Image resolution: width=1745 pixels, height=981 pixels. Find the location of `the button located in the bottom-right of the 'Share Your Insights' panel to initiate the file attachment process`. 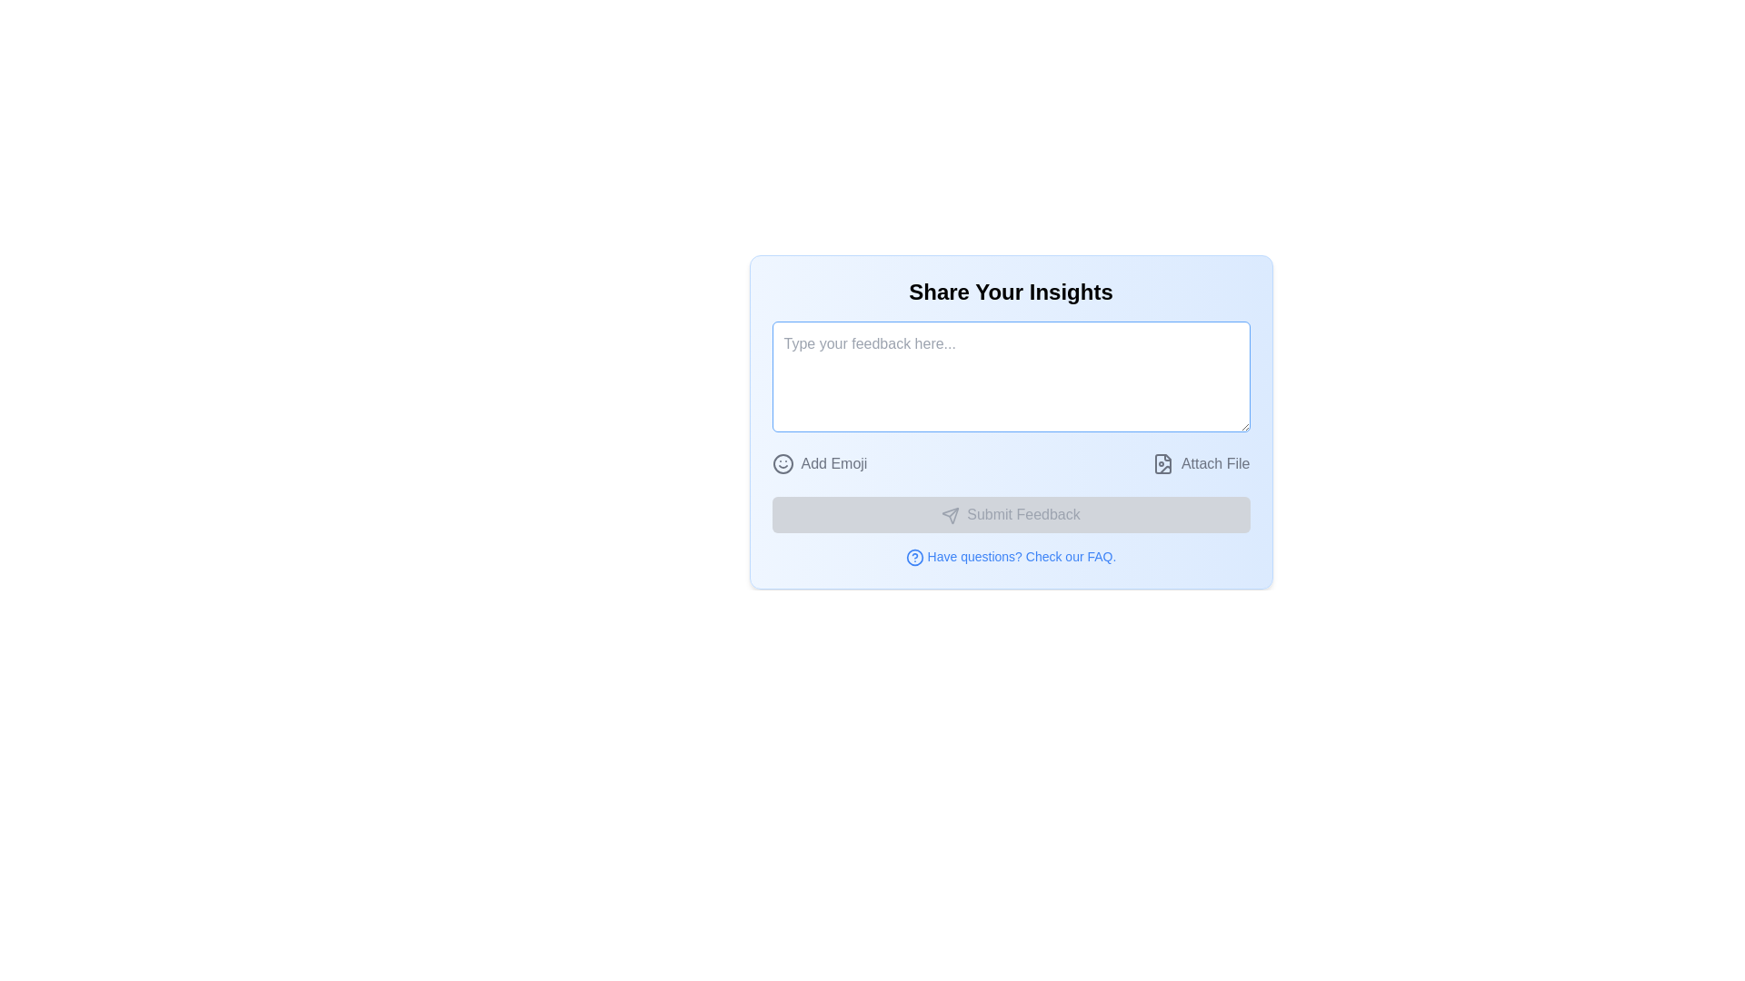

the button located in the bottom-right of the 'Share Your Insights' panel to initiate the file attachment process is located at coordinates (1215, 462).